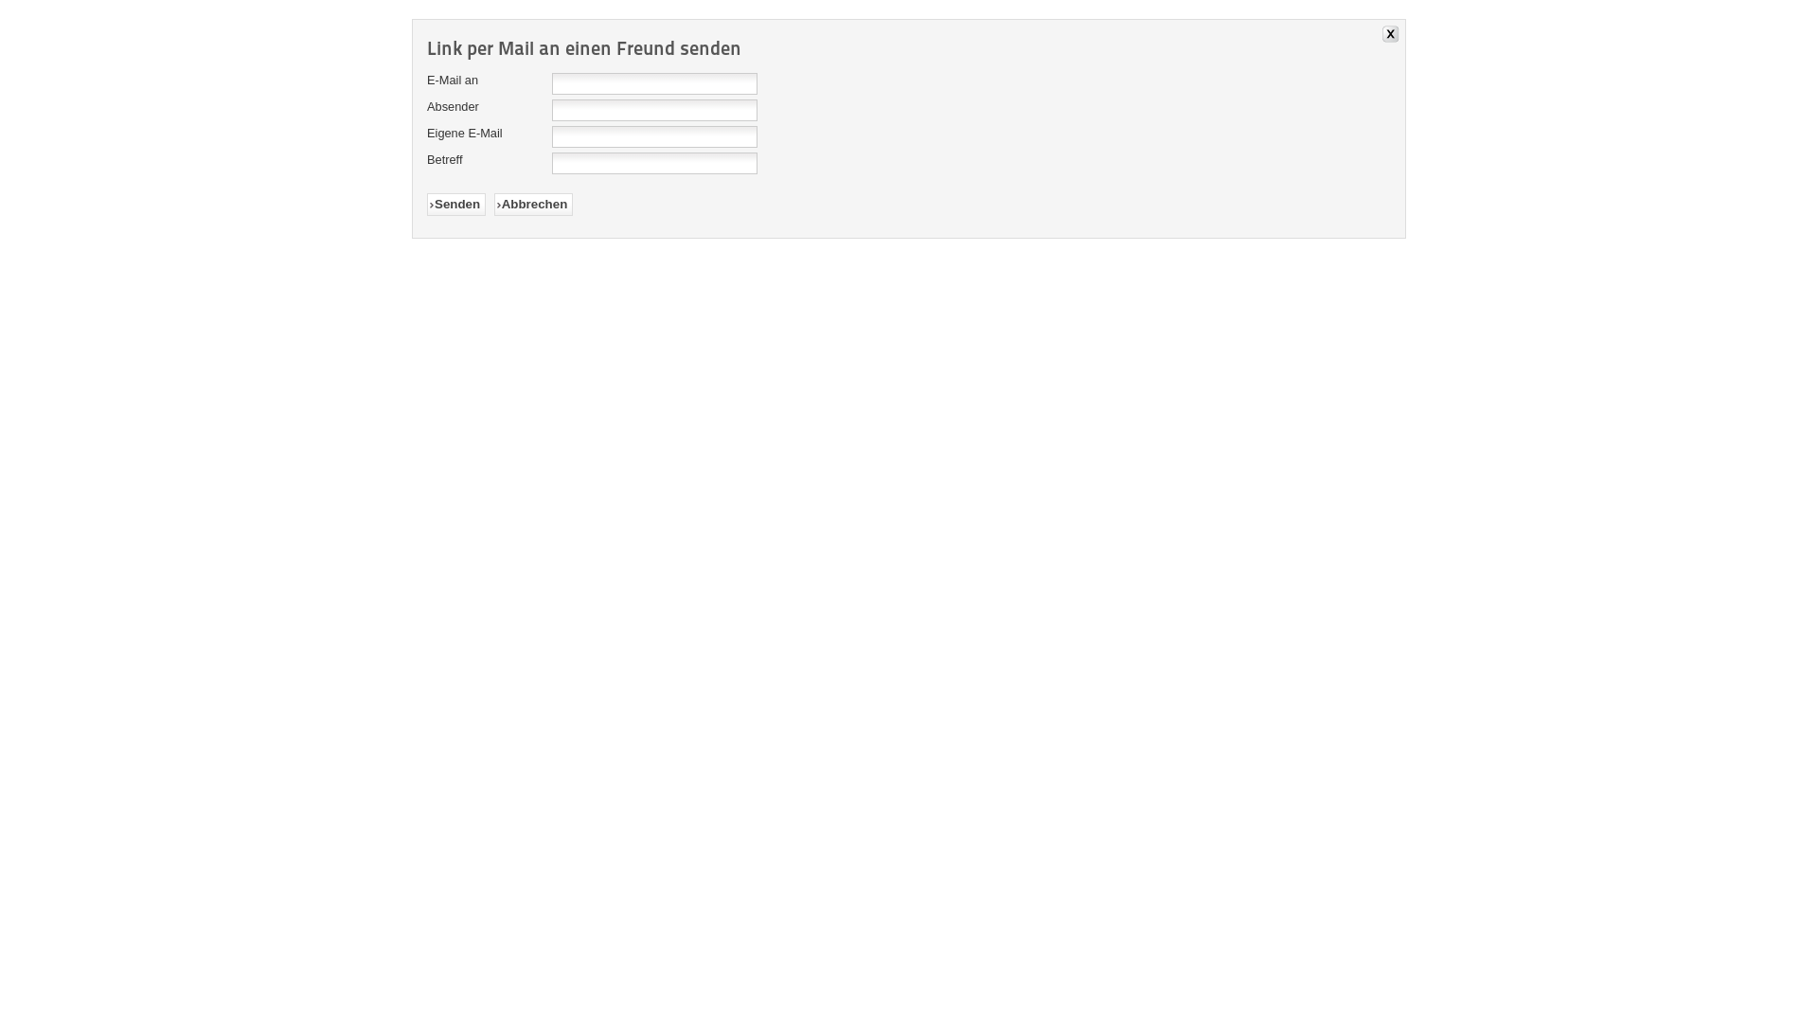  What do you see at coordinates (532, 205) in the screenshot?
I see `'Abbrechen'` at bounding box center [532, 205].